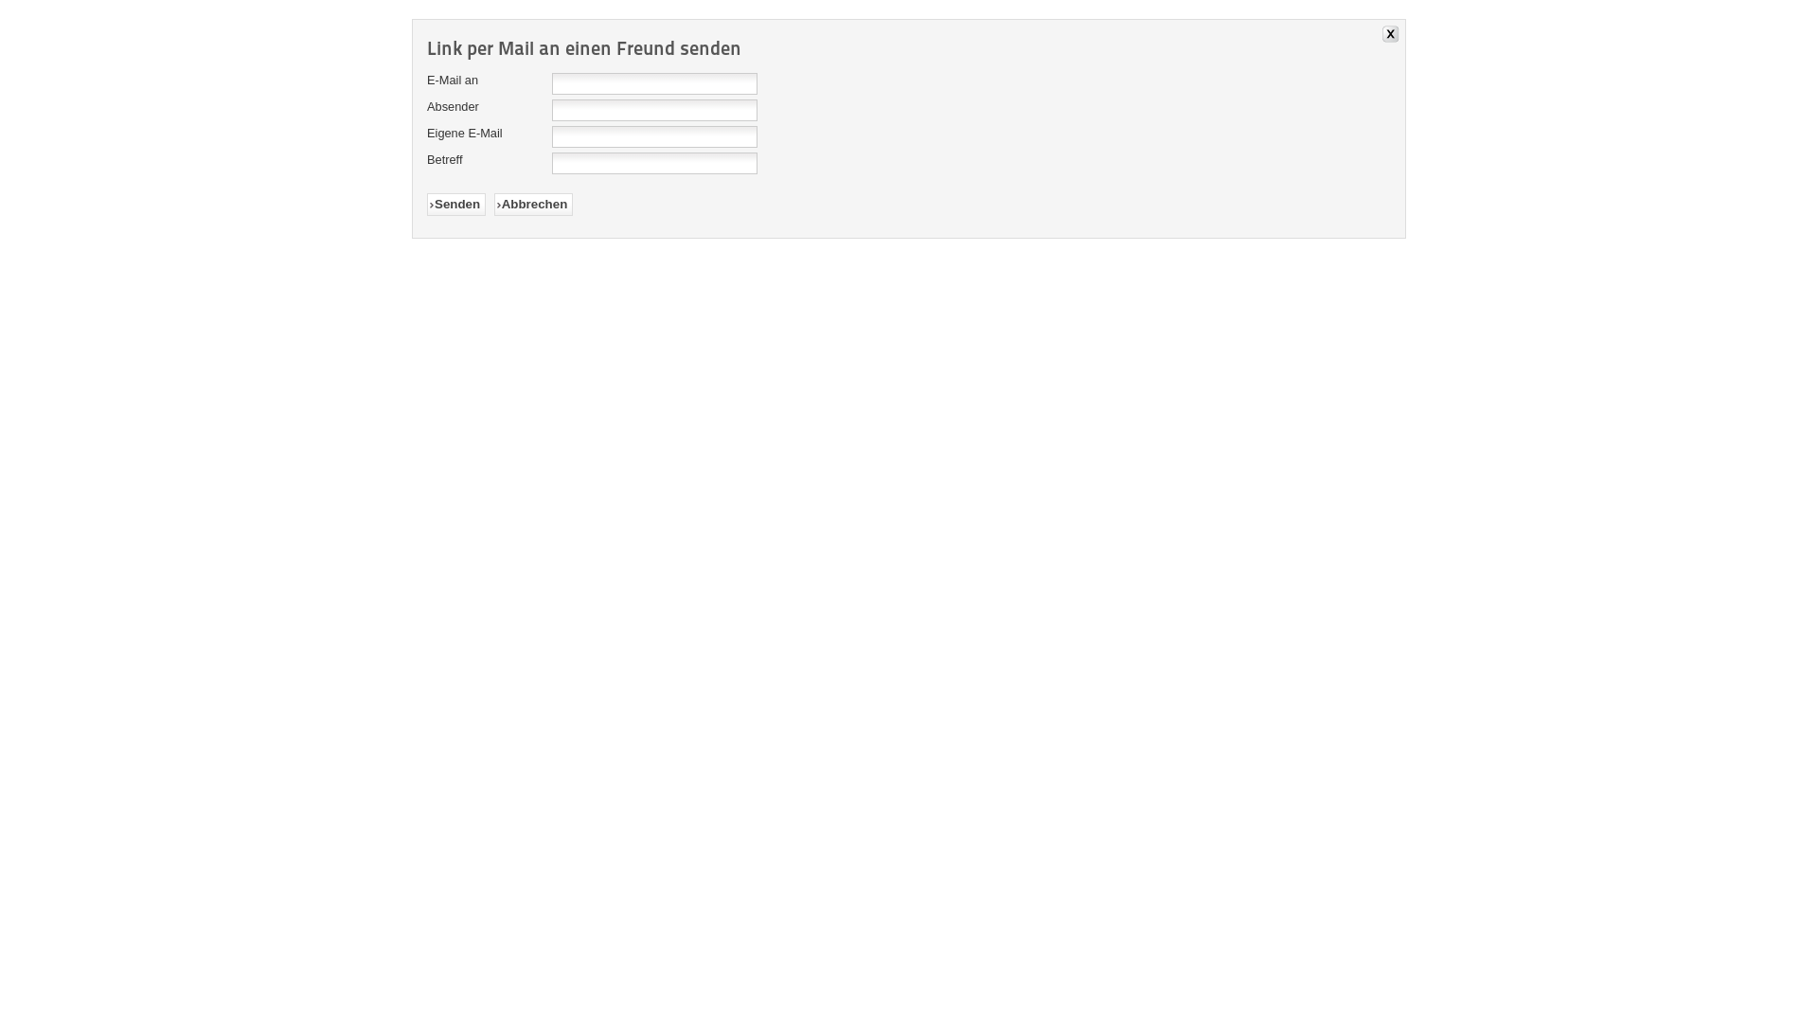  What do you see at coordinates (532, 205) in the screenshot?
I see `'Abbrechen'` at bounding box center [532, 205].